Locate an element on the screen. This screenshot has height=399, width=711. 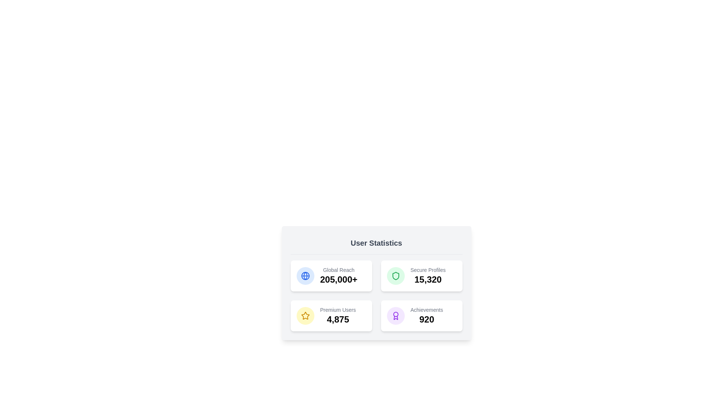
displayed information from the 'Global Reach' text display element, which shows the figure '205,000+' prominently below the label is located at coordinates (338, 276).